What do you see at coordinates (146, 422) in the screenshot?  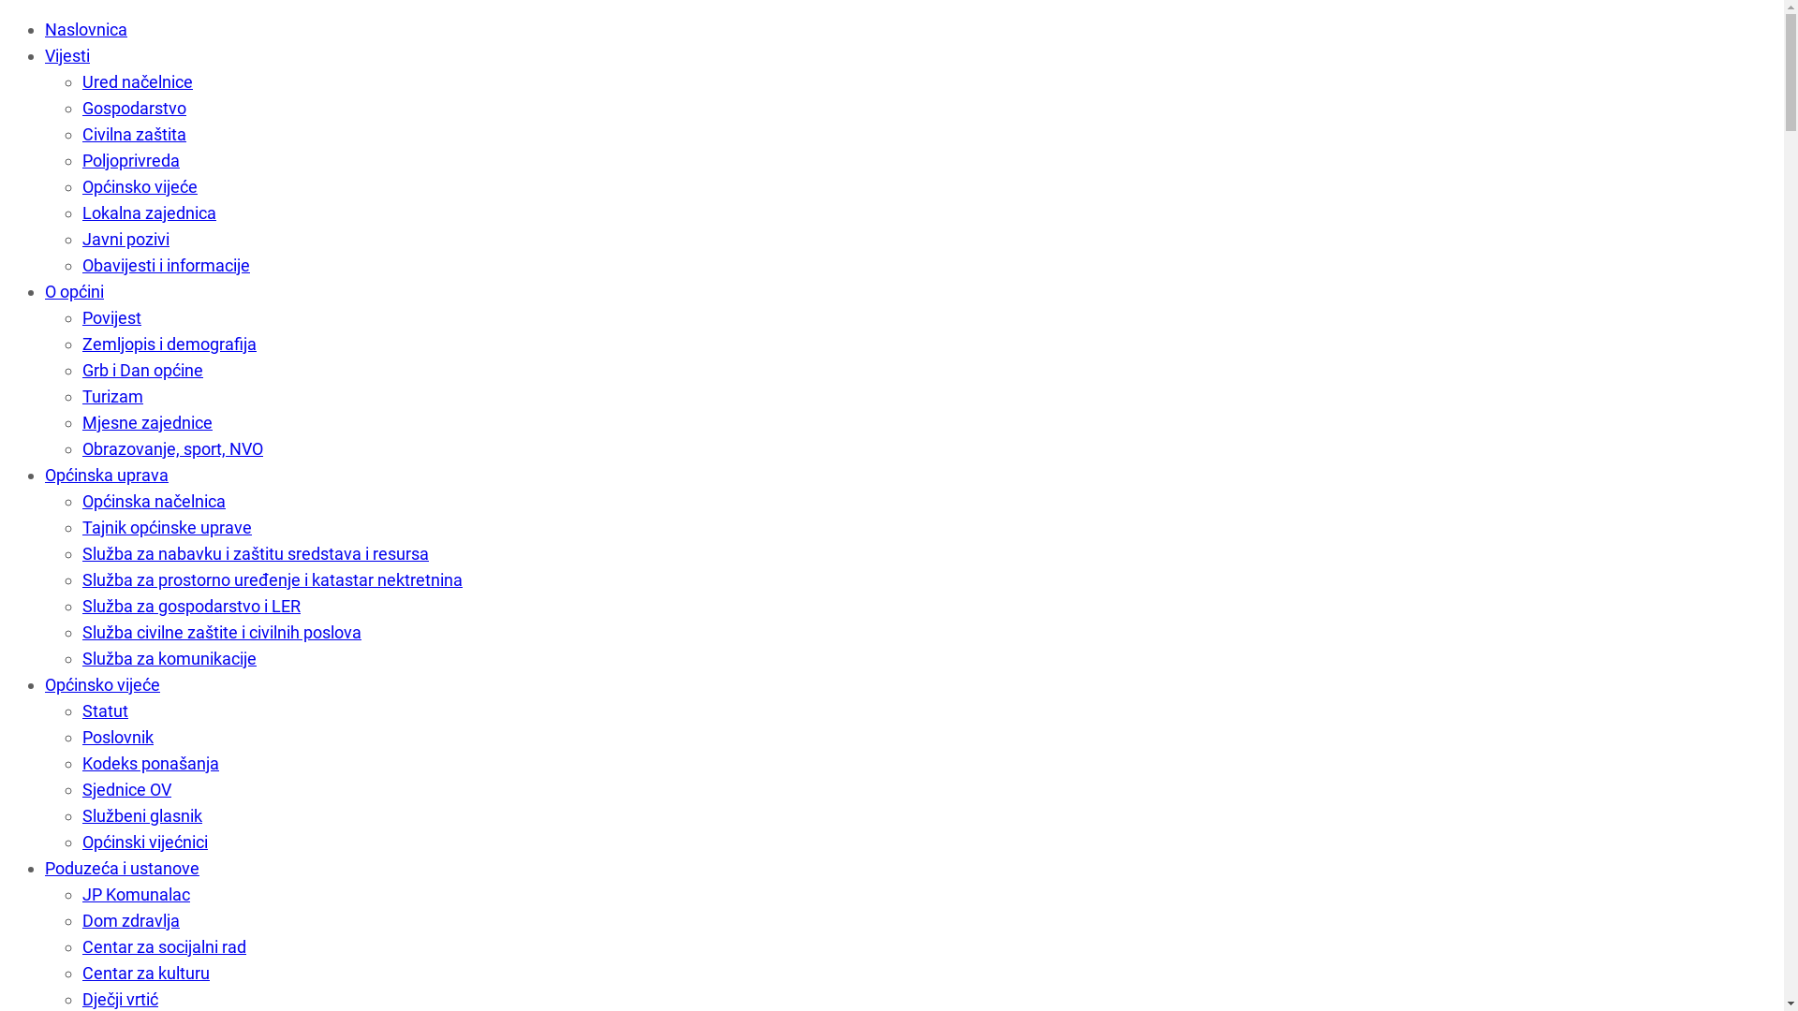 I see `'Mjesne zajednice'` at bounding box center [146, 422].